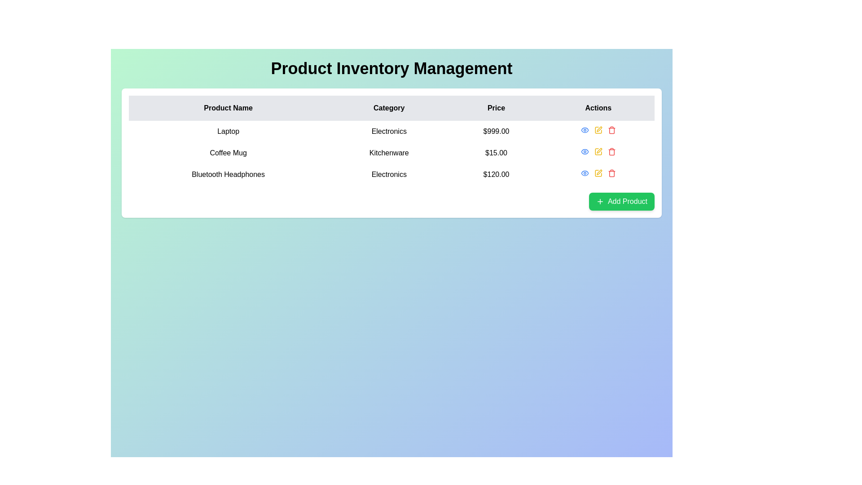  Describe the element at coordinates (228, 175) in the screenshot. I see `the text label displaying 'Bluetooth Headphones' in bold black font, located in the third row under the 'Product Name' header` at that location.